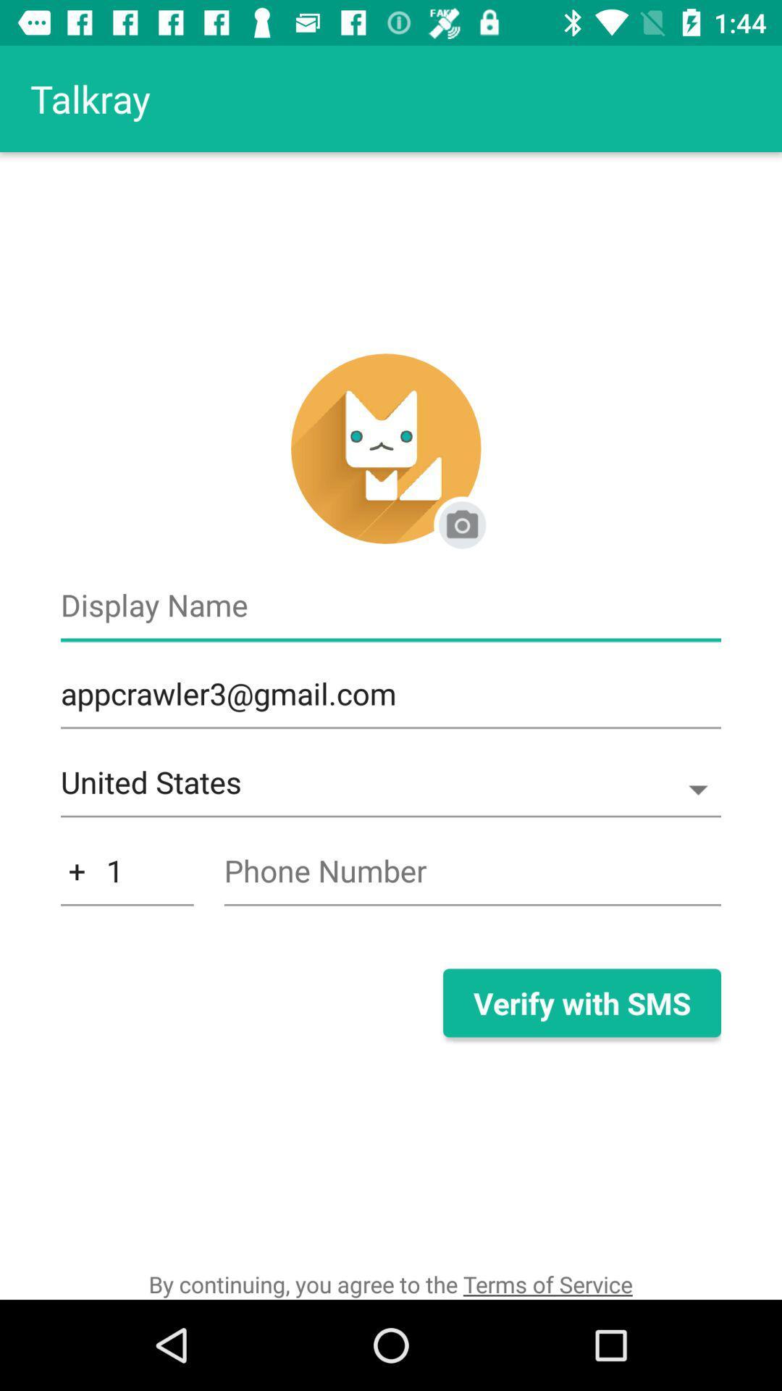 The height and width of the screenshot is (1391, 782). I want to click on 1 item, so click(126, 878).